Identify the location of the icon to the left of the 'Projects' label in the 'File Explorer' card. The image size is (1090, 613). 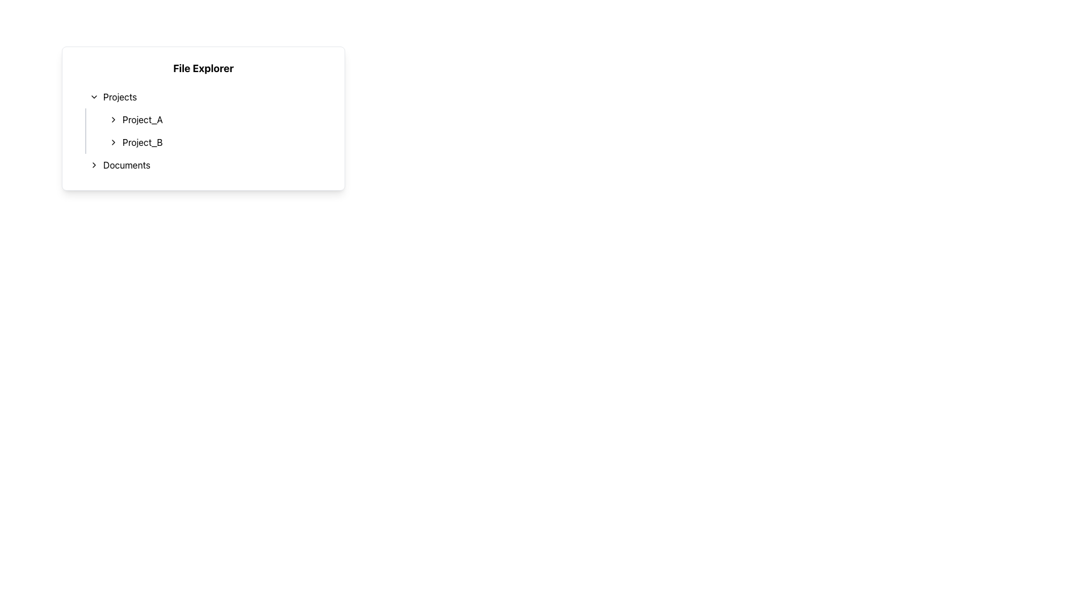
(94, 96).